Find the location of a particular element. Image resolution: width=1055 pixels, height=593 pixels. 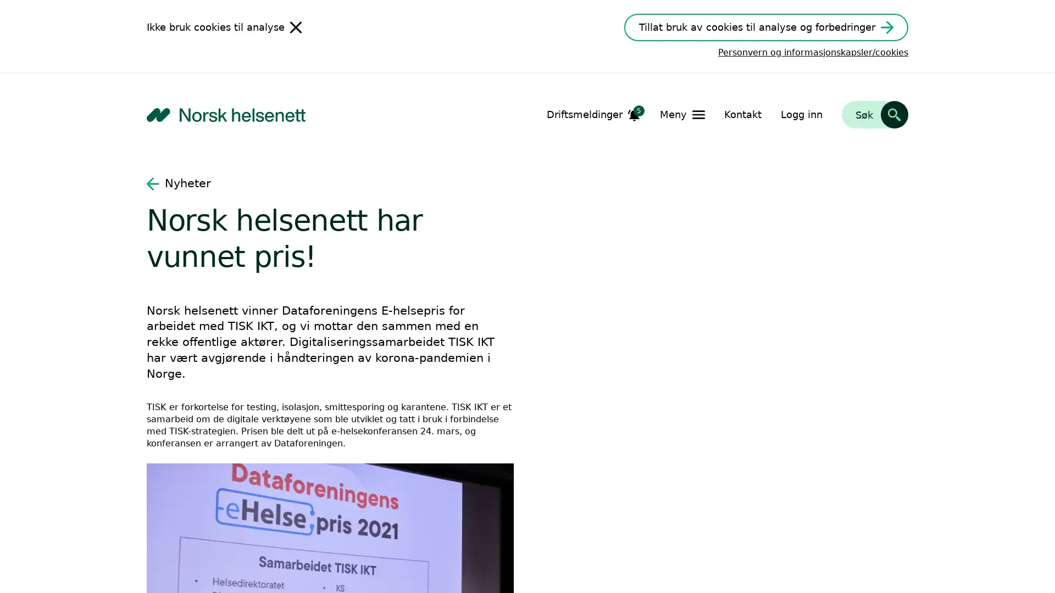

Ikke bruk cookies til analyse is located at coordinates (224, 27).